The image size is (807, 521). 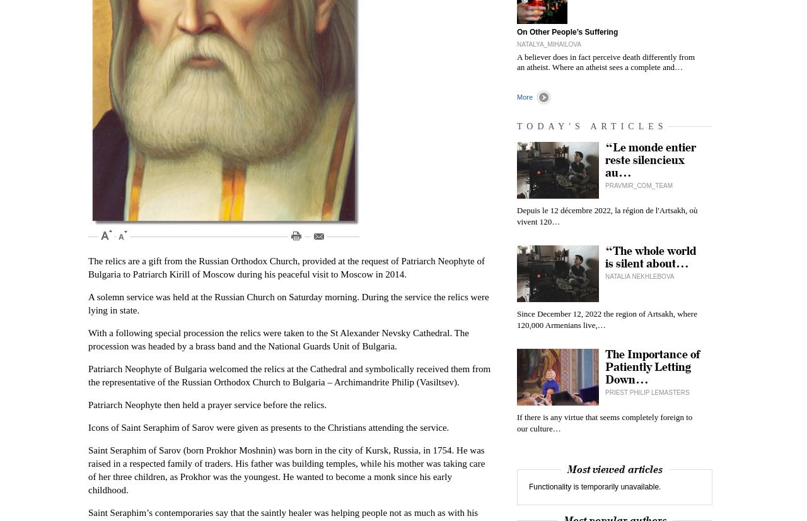 What do you see at coordinates (277, 339) in the screenshot?
I see `'With a following special procession the relics were taken to the St Alexander Nevsky Cathedral. The procession was headed by a brass band and the National Guards Unit of Bulgaria.'` at bounding box center [277, 339].